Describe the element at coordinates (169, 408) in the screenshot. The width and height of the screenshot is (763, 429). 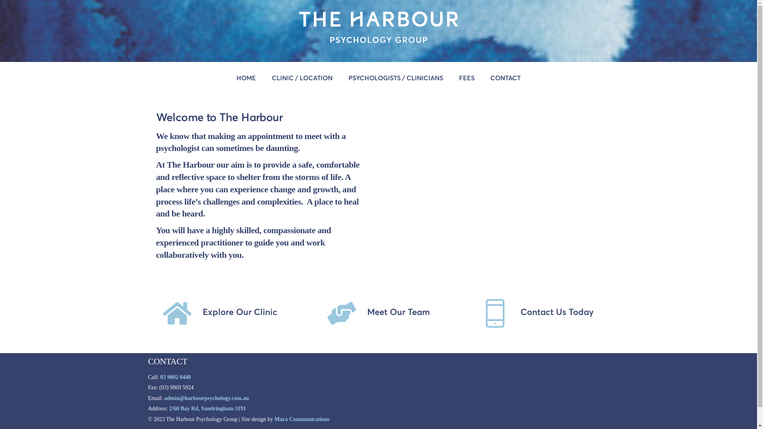
I see `'2/60 Bay Rd, Sandringham 3191'` at that location.